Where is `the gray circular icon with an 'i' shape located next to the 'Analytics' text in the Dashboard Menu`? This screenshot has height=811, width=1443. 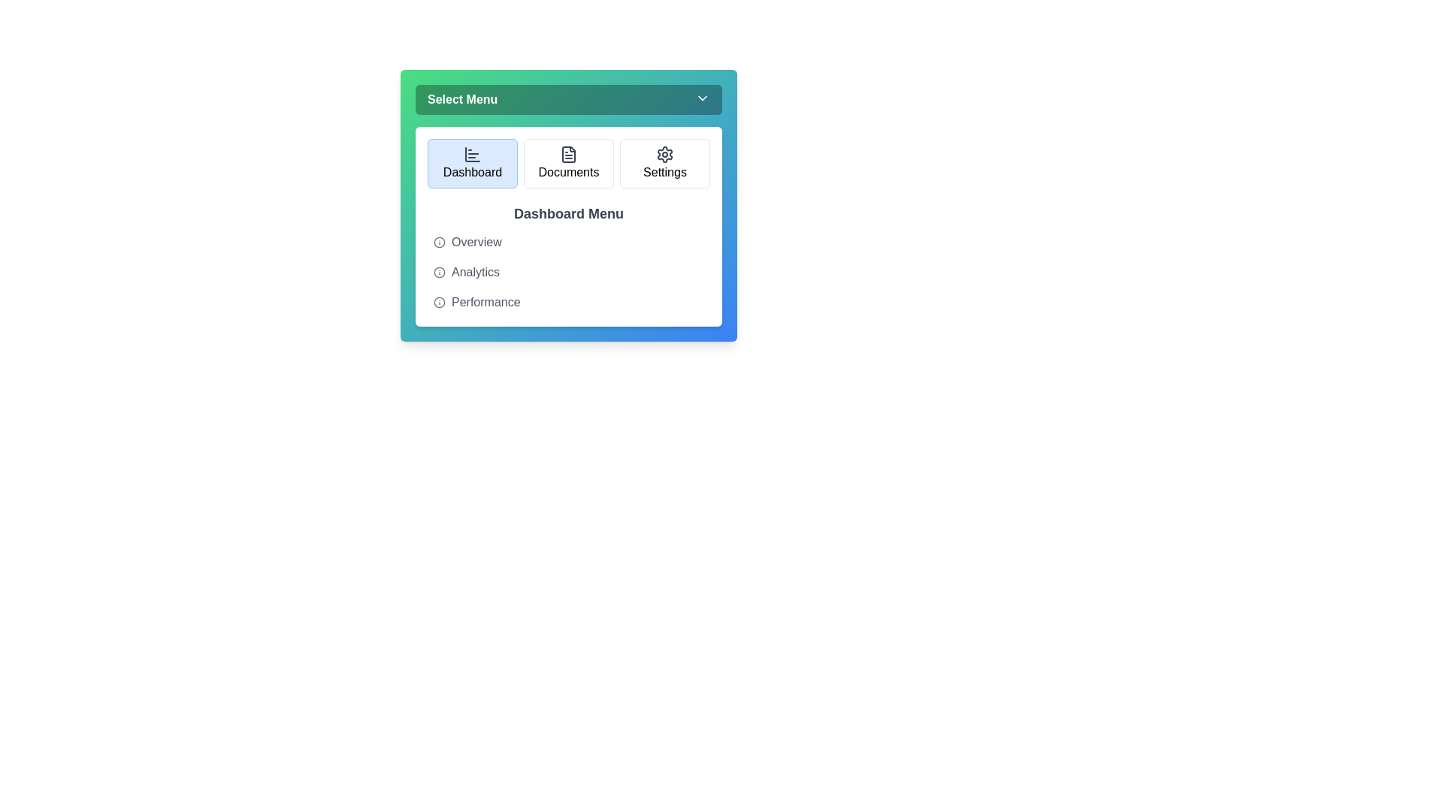
the gray circular icon with an 'i' shape located next to the 'Analytics' text in the Dashboard Menu is located at coordinates (439, 272).